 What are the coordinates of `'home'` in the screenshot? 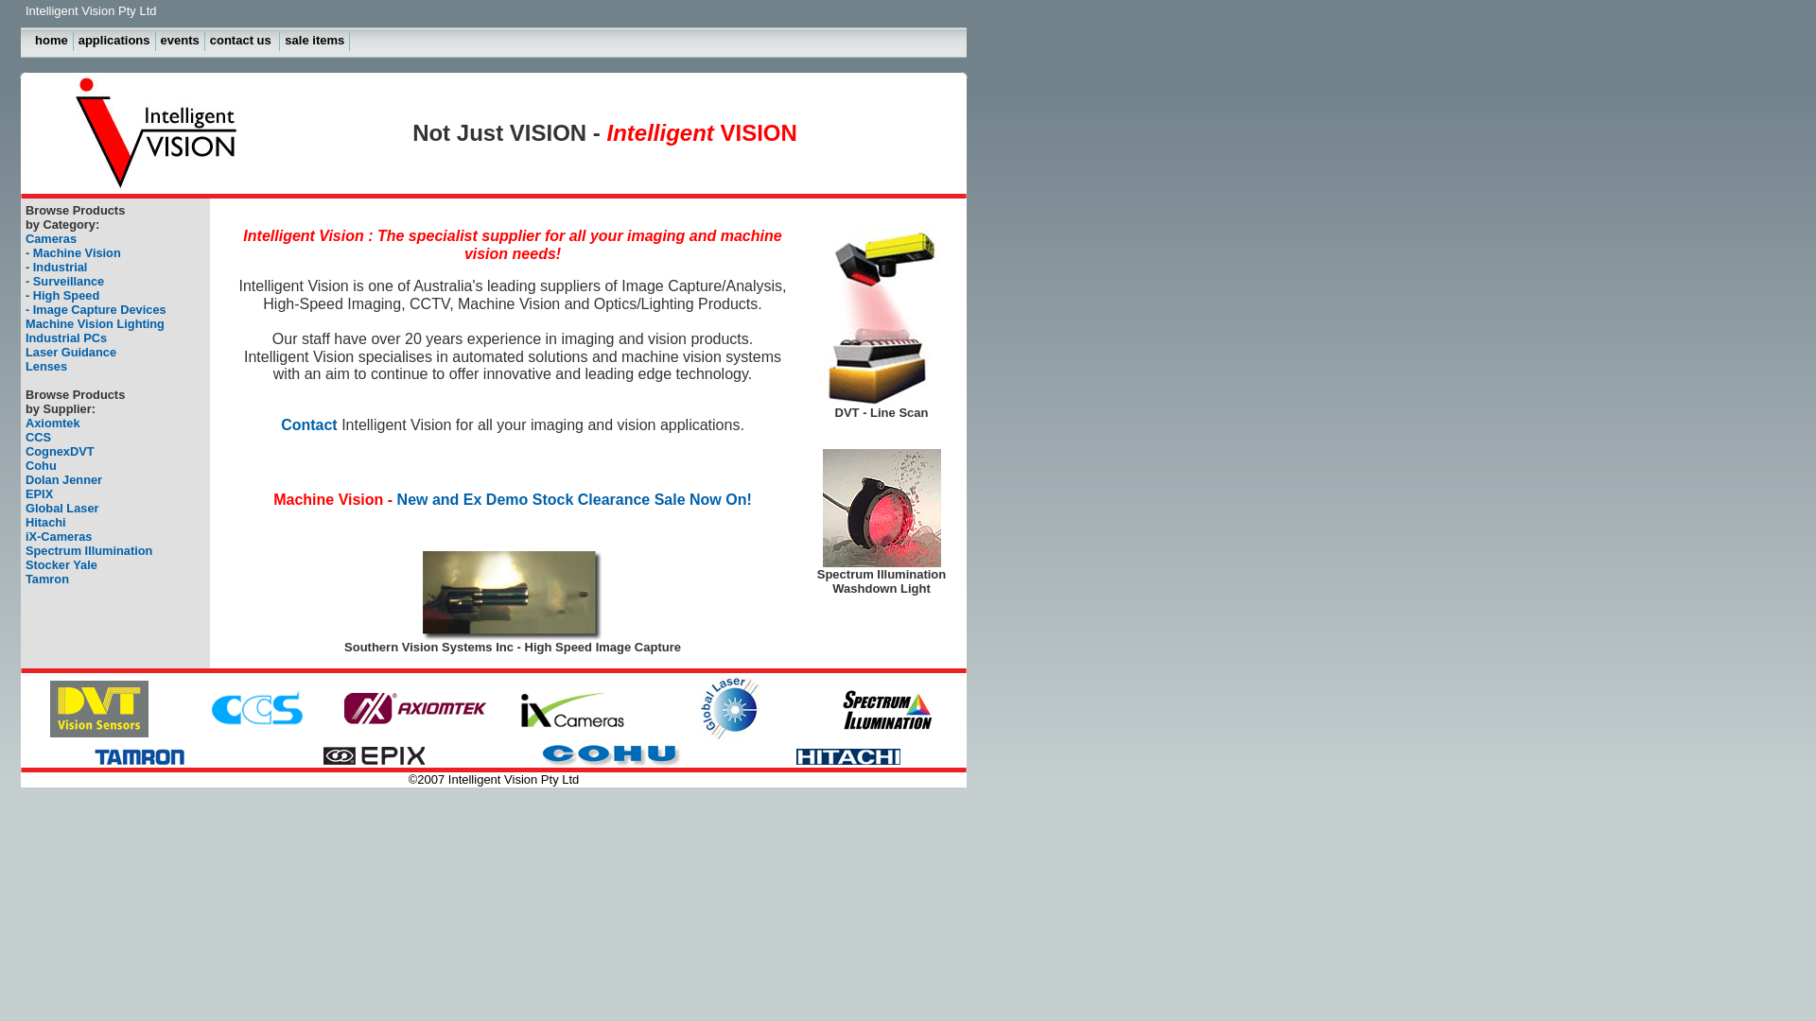 It's located at (51, 41).